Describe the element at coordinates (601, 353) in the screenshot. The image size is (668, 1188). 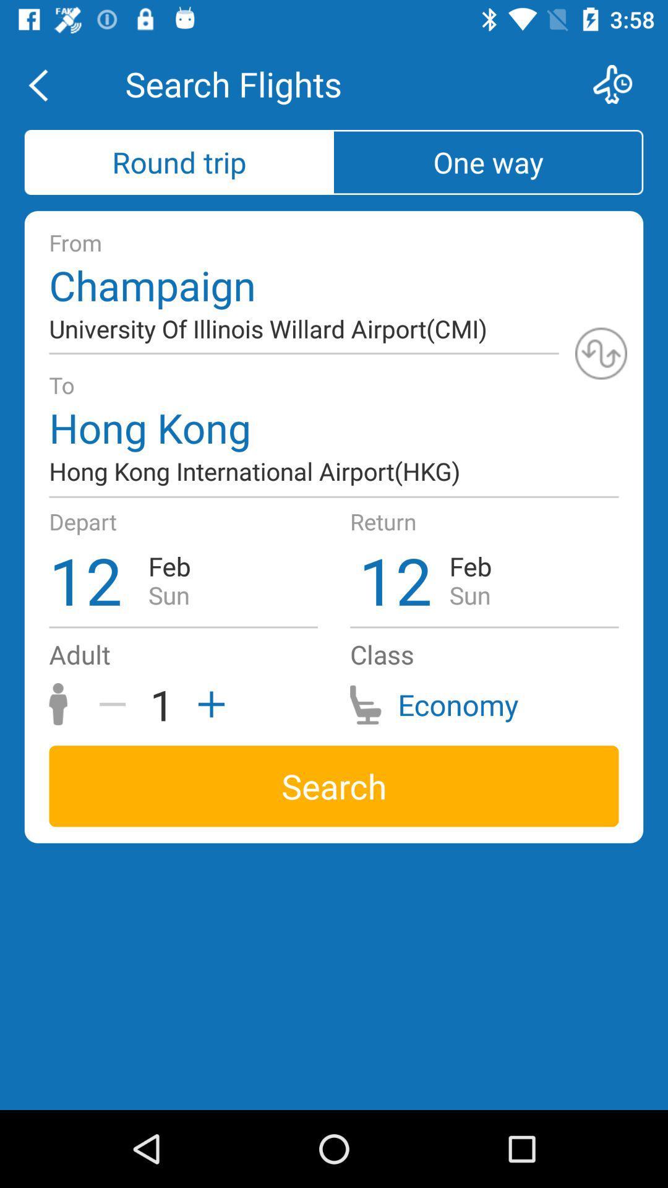
I see `switch locations` at that location.